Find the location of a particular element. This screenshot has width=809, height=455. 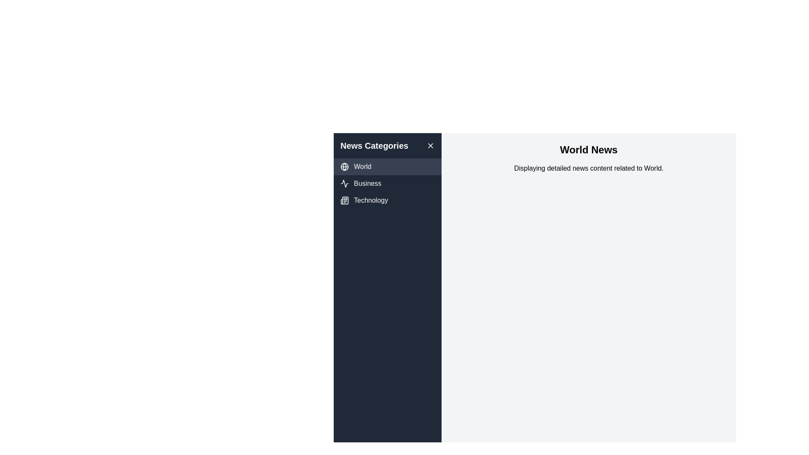

the news category World to observe the hover effect is located at coordinates (387, 167).